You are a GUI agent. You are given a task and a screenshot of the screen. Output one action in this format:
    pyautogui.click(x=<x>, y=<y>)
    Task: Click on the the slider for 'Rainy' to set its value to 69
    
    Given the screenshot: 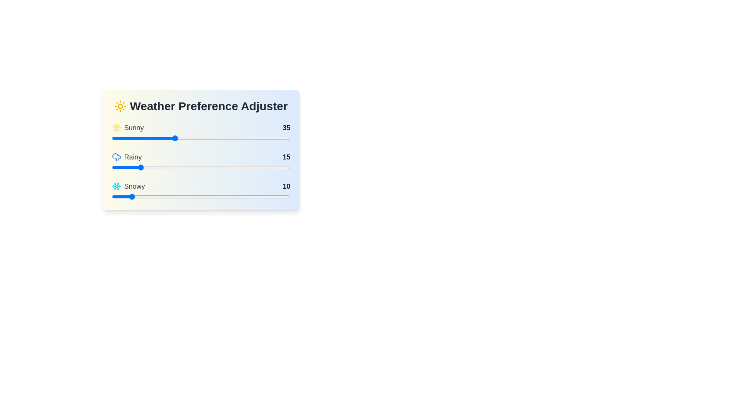 What is the action you would take?
    pyautogui.click(x=234, y=167)
    